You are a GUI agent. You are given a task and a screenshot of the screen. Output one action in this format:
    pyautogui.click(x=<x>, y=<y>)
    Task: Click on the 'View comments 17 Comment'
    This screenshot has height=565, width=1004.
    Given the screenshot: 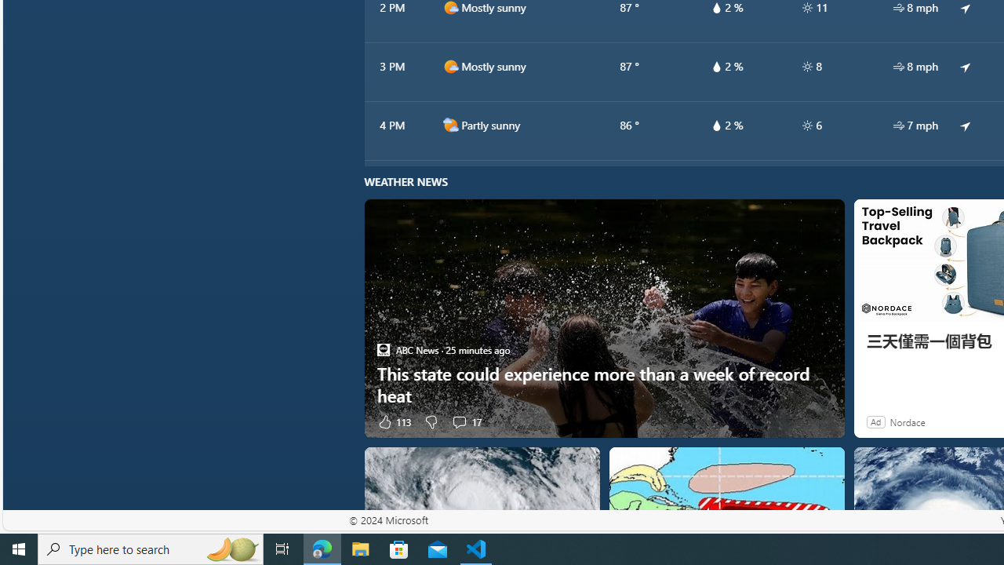 What is the action you would take?
    pyautogui.click(x=465, y=421)
    